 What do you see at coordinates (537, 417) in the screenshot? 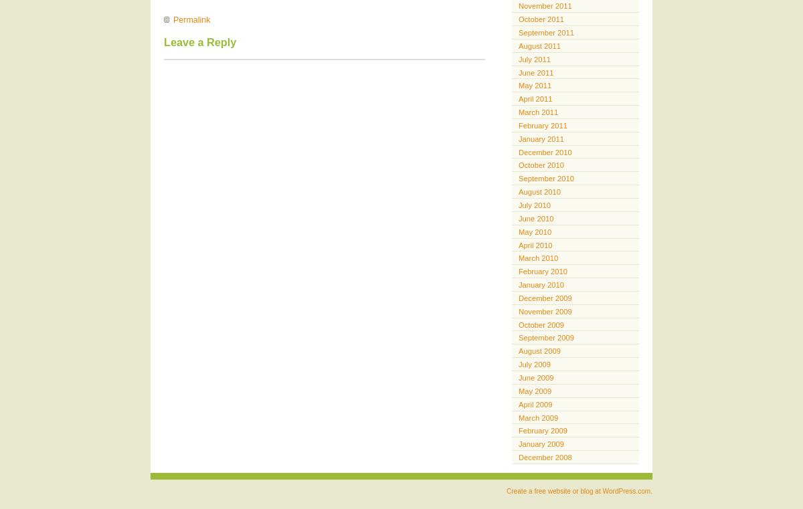
I see `'March 2009'` at bounding box center [537, 417].